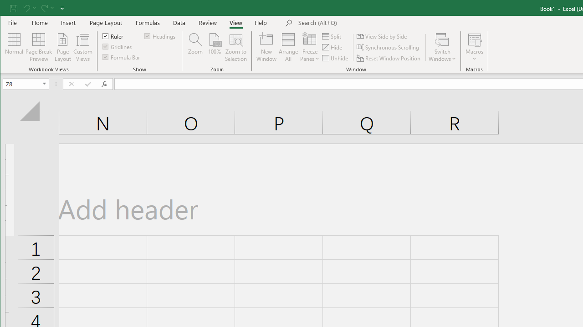 The height and width of the screenshot is (327, 583). I want to click on 'Zoom...', so click(195, 47).